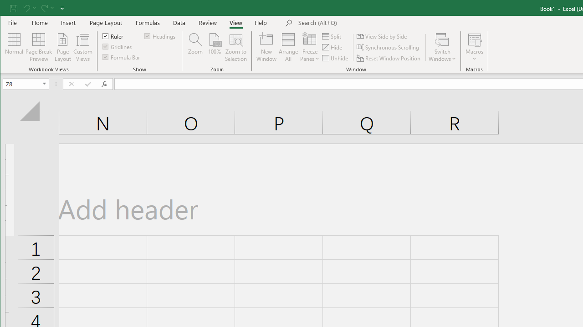 The height and width of the screenshot is (327, 583). I want to click on 'Zoom...', so click(195, 47).